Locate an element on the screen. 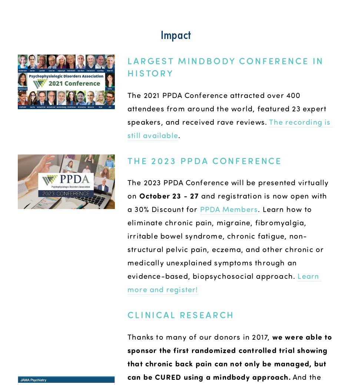 The image size is (352, 385). 'The 2021 PPDA Conference attracted over 400 attendees from around the world, featured 23 expert speakers, and received rave reviews.' is located at coordinates (228, 107).